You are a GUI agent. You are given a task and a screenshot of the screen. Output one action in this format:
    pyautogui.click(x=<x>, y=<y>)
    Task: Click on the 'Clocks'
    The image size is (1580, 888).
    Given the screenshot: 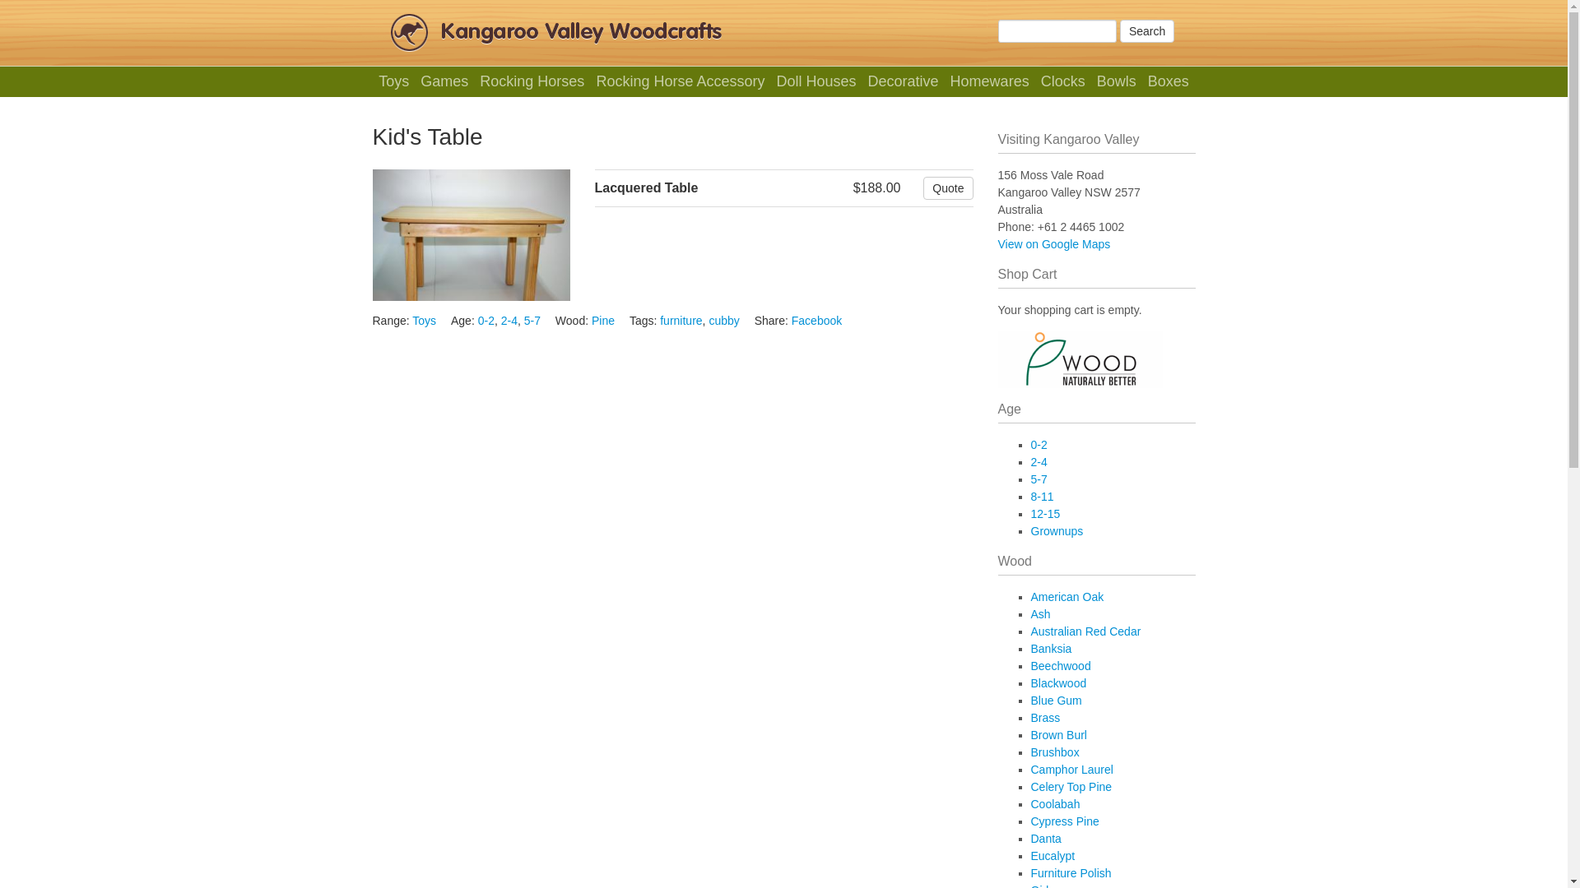 What is the action you would take?
    pyautogui.click(x=1035, y=81)
    